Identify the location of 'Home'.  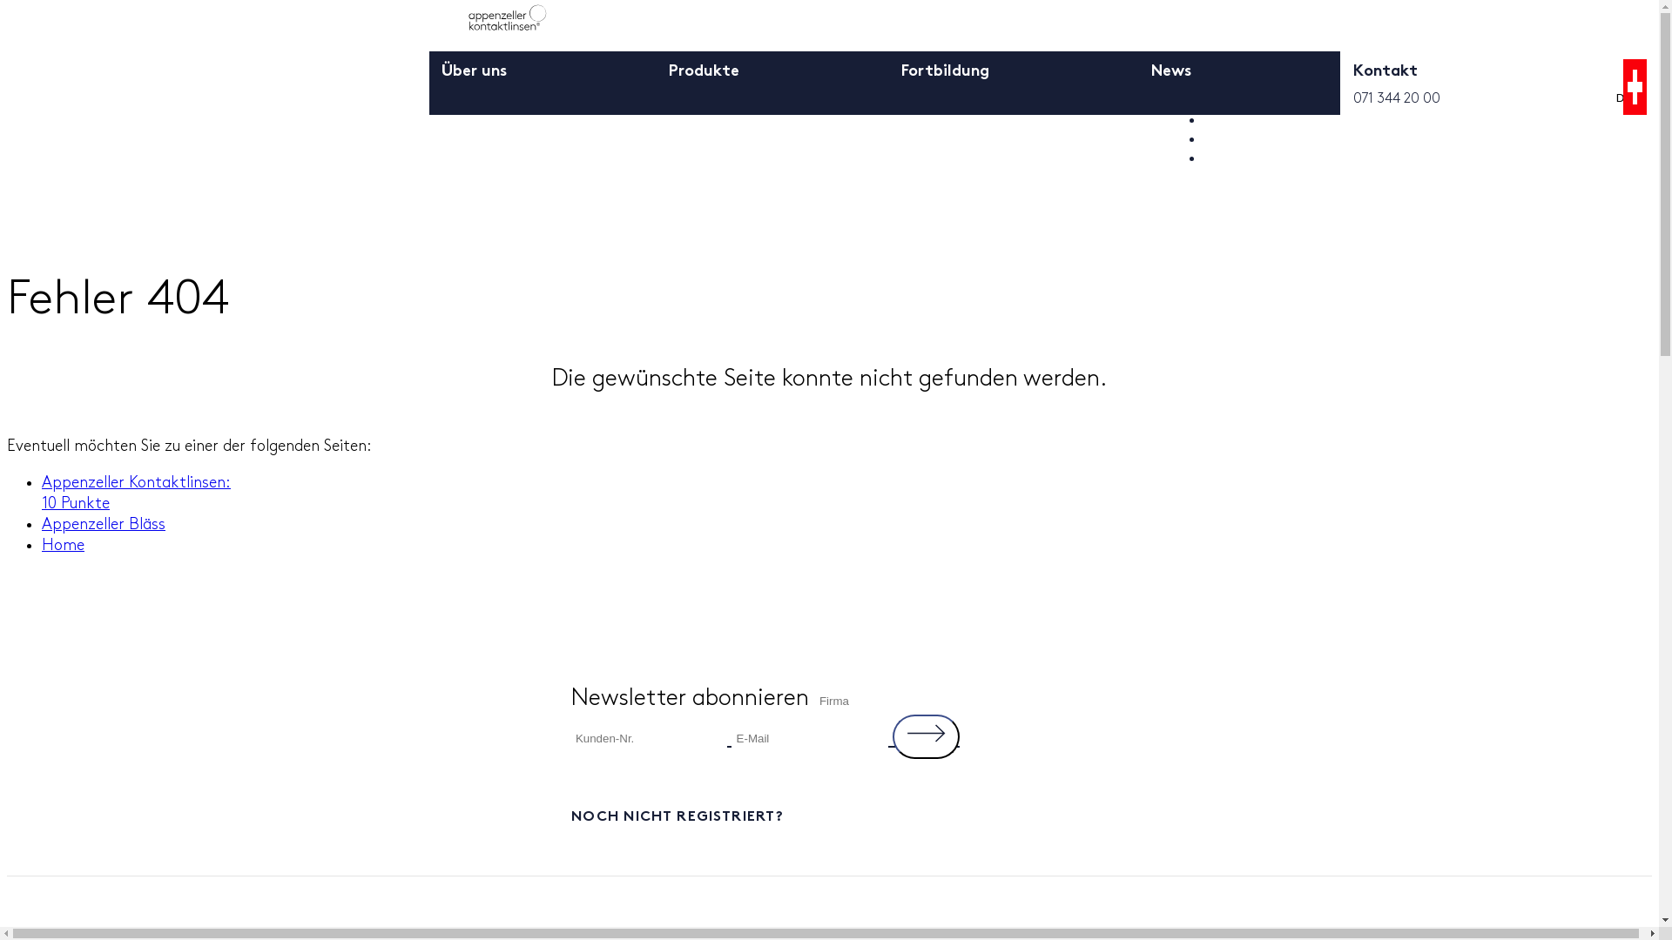
(42, 543).